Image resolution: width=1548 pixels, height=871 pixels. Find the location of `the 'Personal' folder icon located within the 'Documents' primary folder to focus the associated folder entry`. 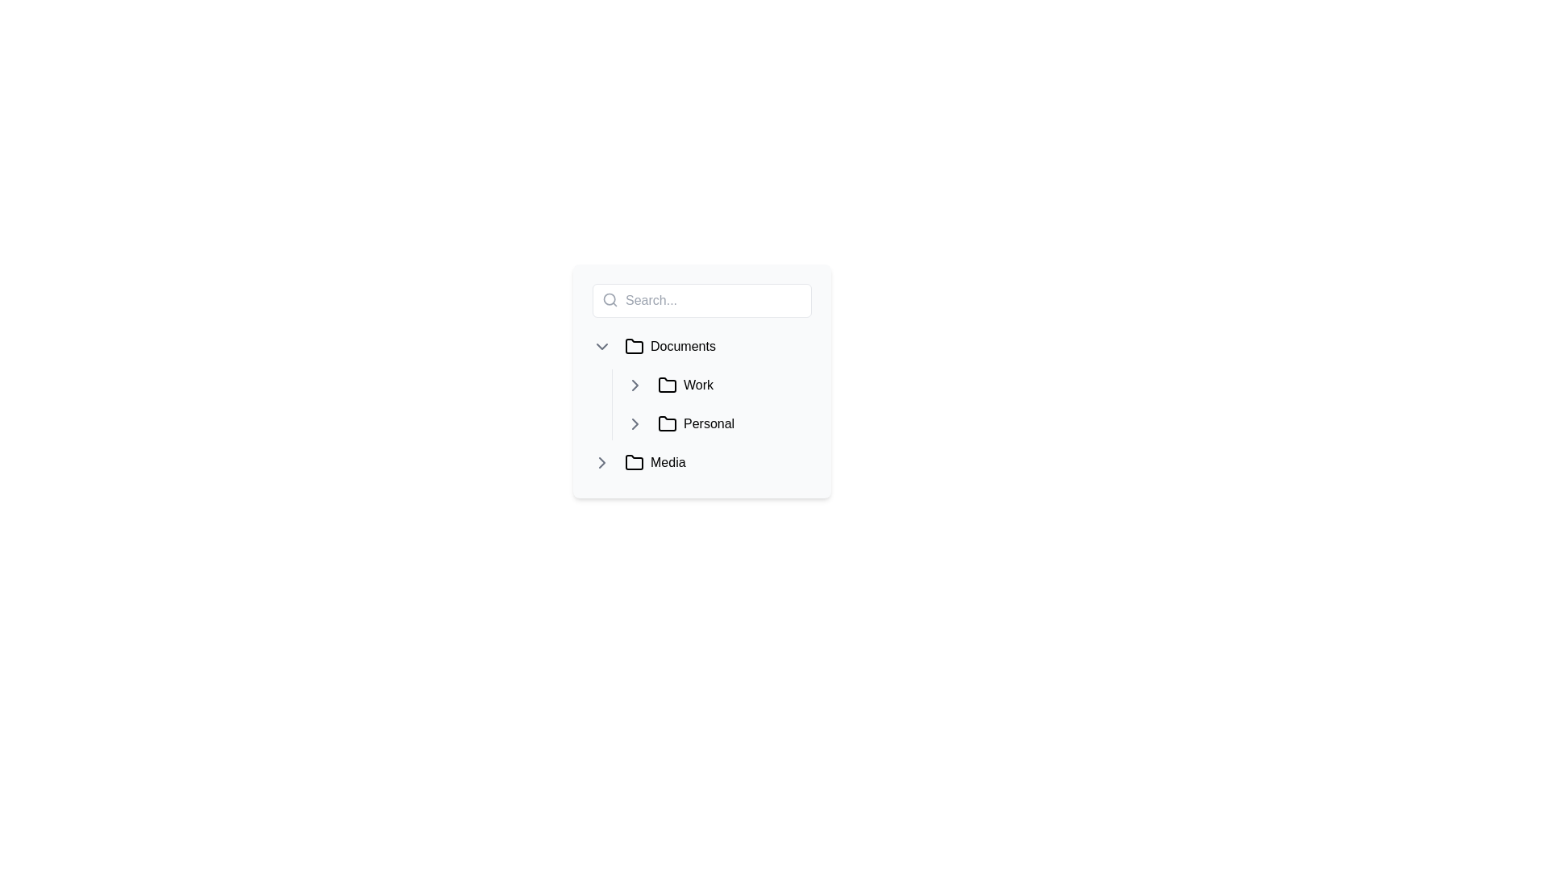

the 'Personal' folder icon located within the 'Documents' primary folder to focus the associated folder entry is located at coordinates (668, 422).